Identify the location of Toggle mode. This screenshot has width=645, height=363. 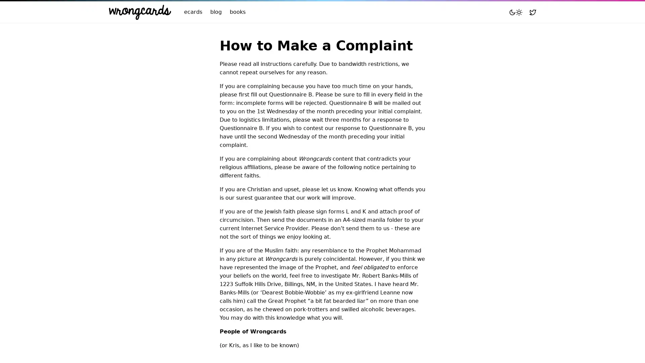
(515, 12).